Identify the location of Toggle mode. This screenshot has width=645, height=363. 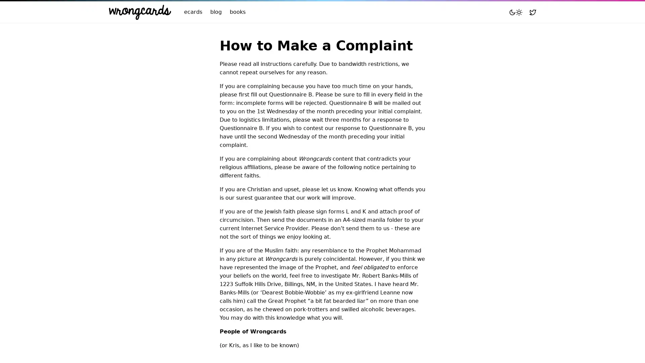
(515, 12).